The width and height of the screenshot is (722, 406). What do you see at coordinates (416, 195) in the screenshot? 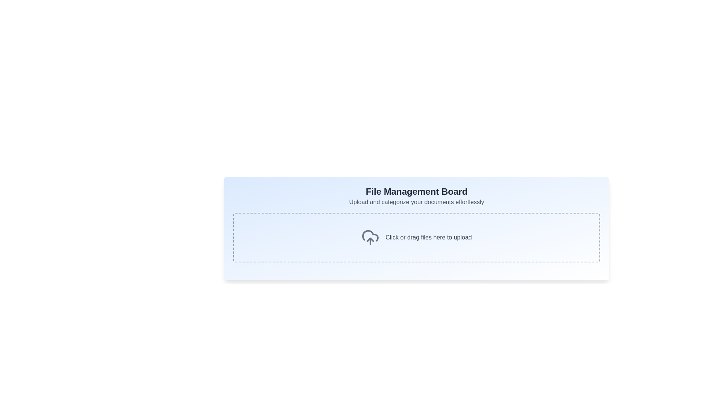
I see `the text display element that serves as a descriptive header for the file management section, positioned above the dashed border box titled 'Click or drag files here to upload'` at bounding box center [416, 195].